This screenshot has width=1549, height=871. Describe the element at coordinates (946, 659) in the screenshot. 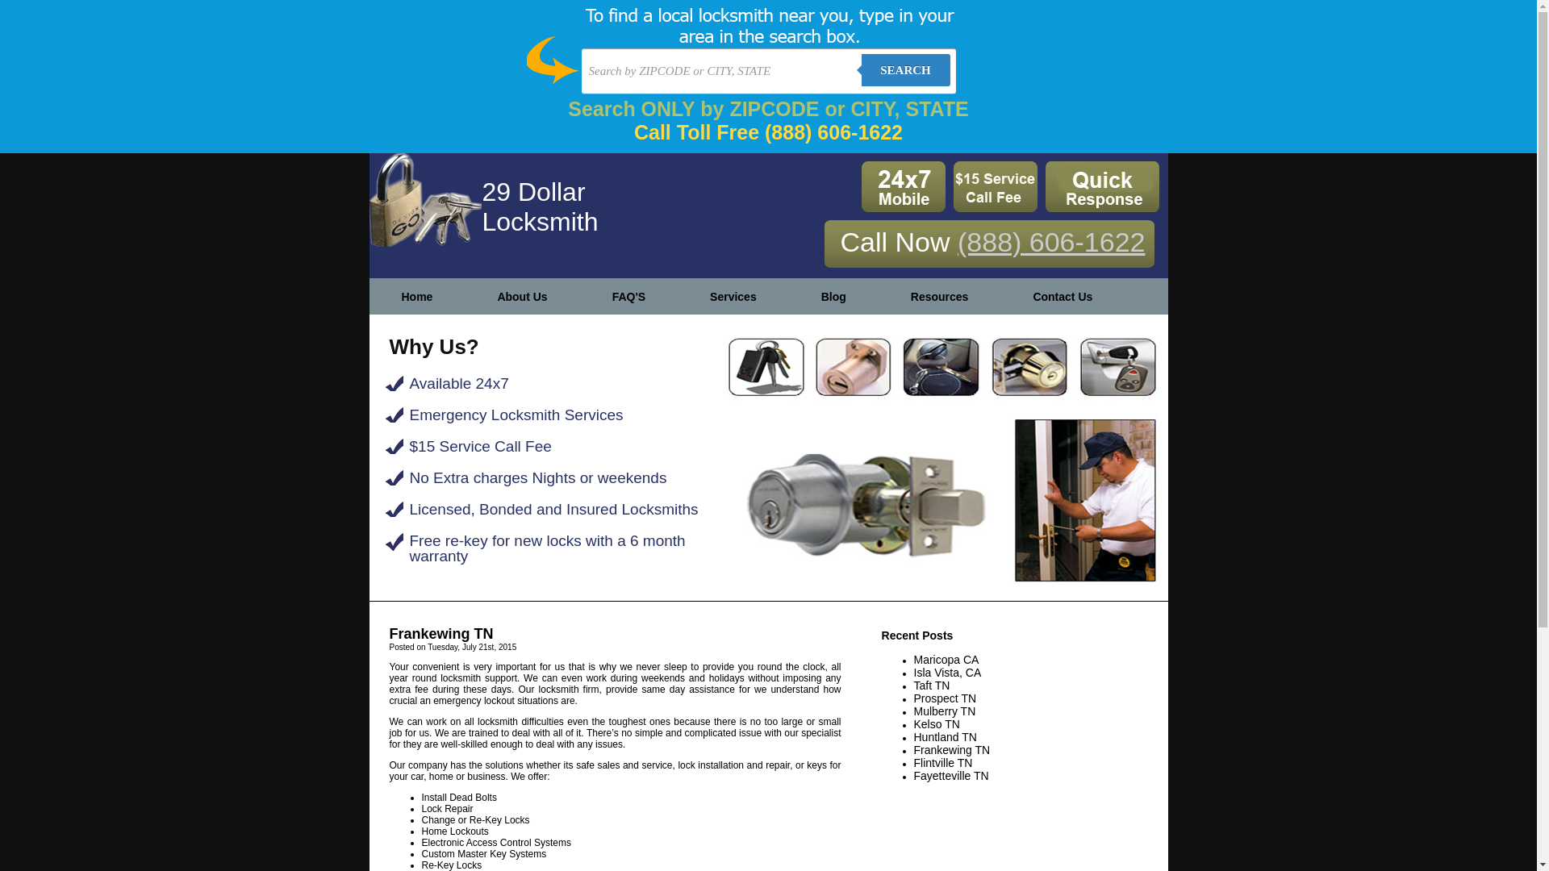

I see `'Maricopa CA'` at that location.